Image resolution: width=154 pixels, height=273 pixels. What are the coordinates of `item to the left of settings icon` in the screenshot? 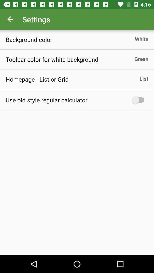 It's located at (10, 19).